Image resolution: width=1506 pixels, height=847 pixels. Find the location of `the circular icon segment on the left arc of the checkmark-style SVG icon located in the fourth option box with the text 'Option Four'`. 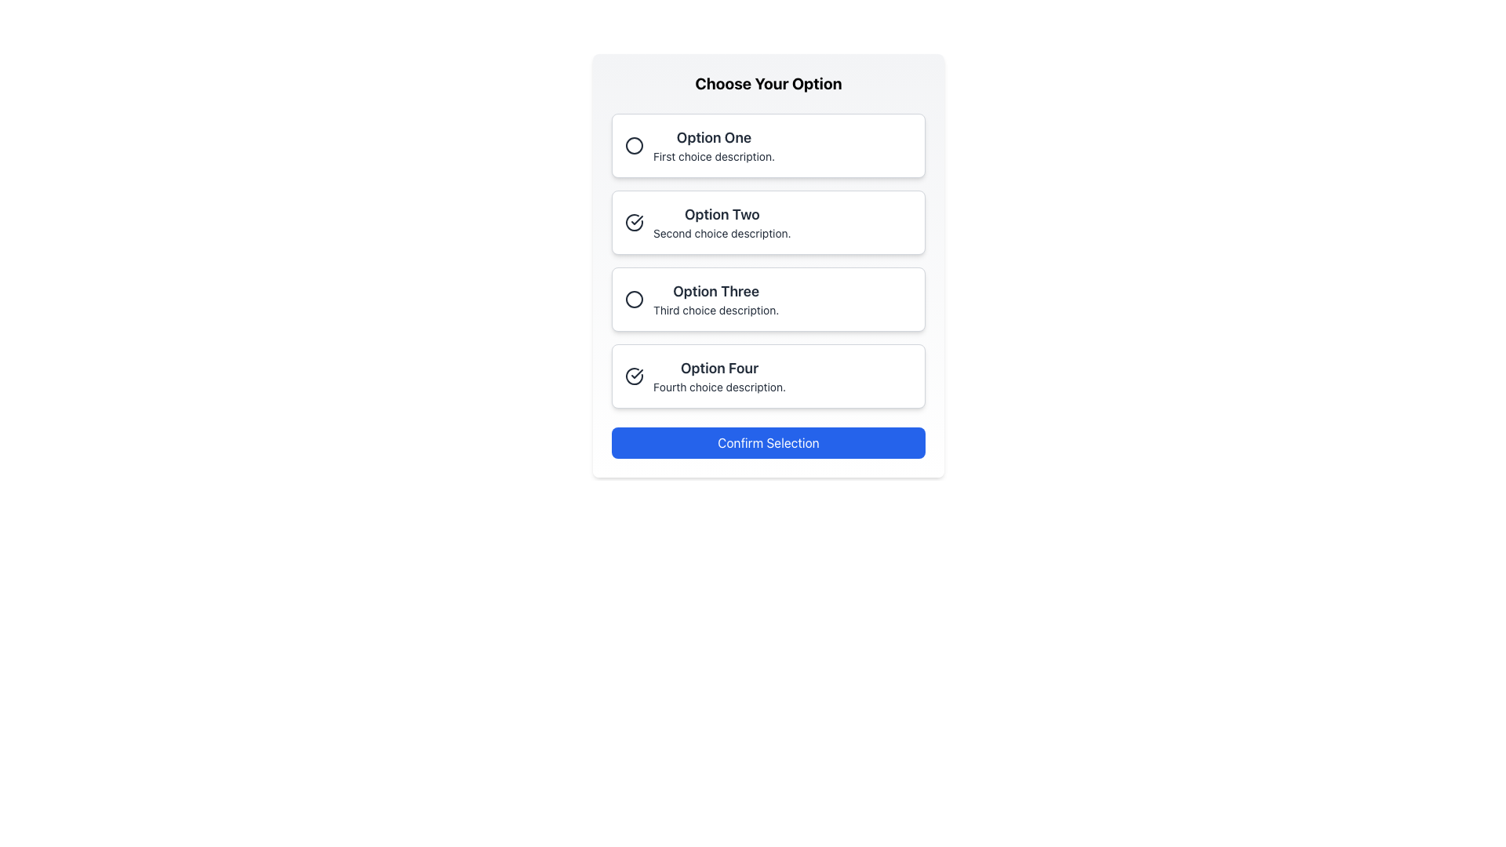

the circular icon segment on the left arc of the checkmark-style SVG icon located in the fourth option box with the text 'Option Four' is located at coordinates (635, 376).